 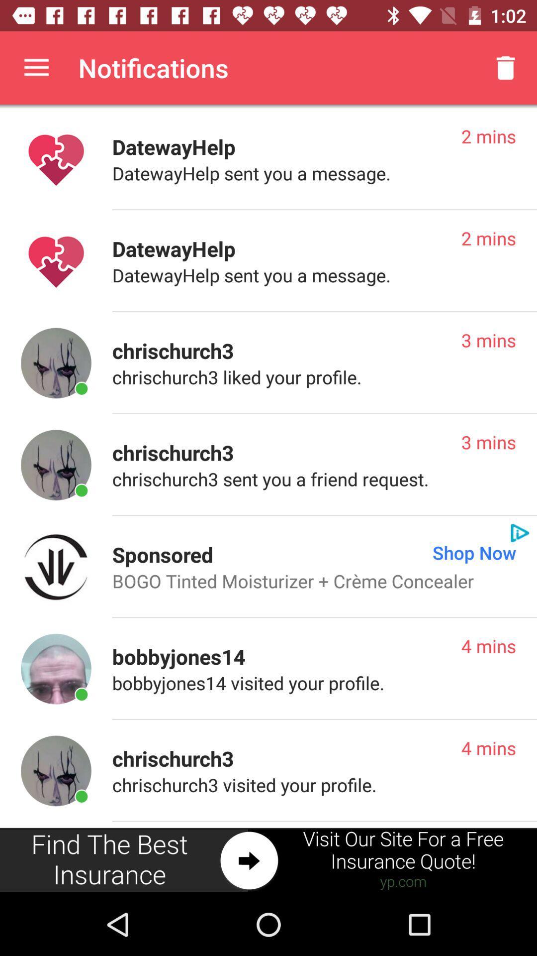 What do you see at coordinates (56, 567) in the screenshot?
I see `open sponsored content` at bounding box center [56, 567].